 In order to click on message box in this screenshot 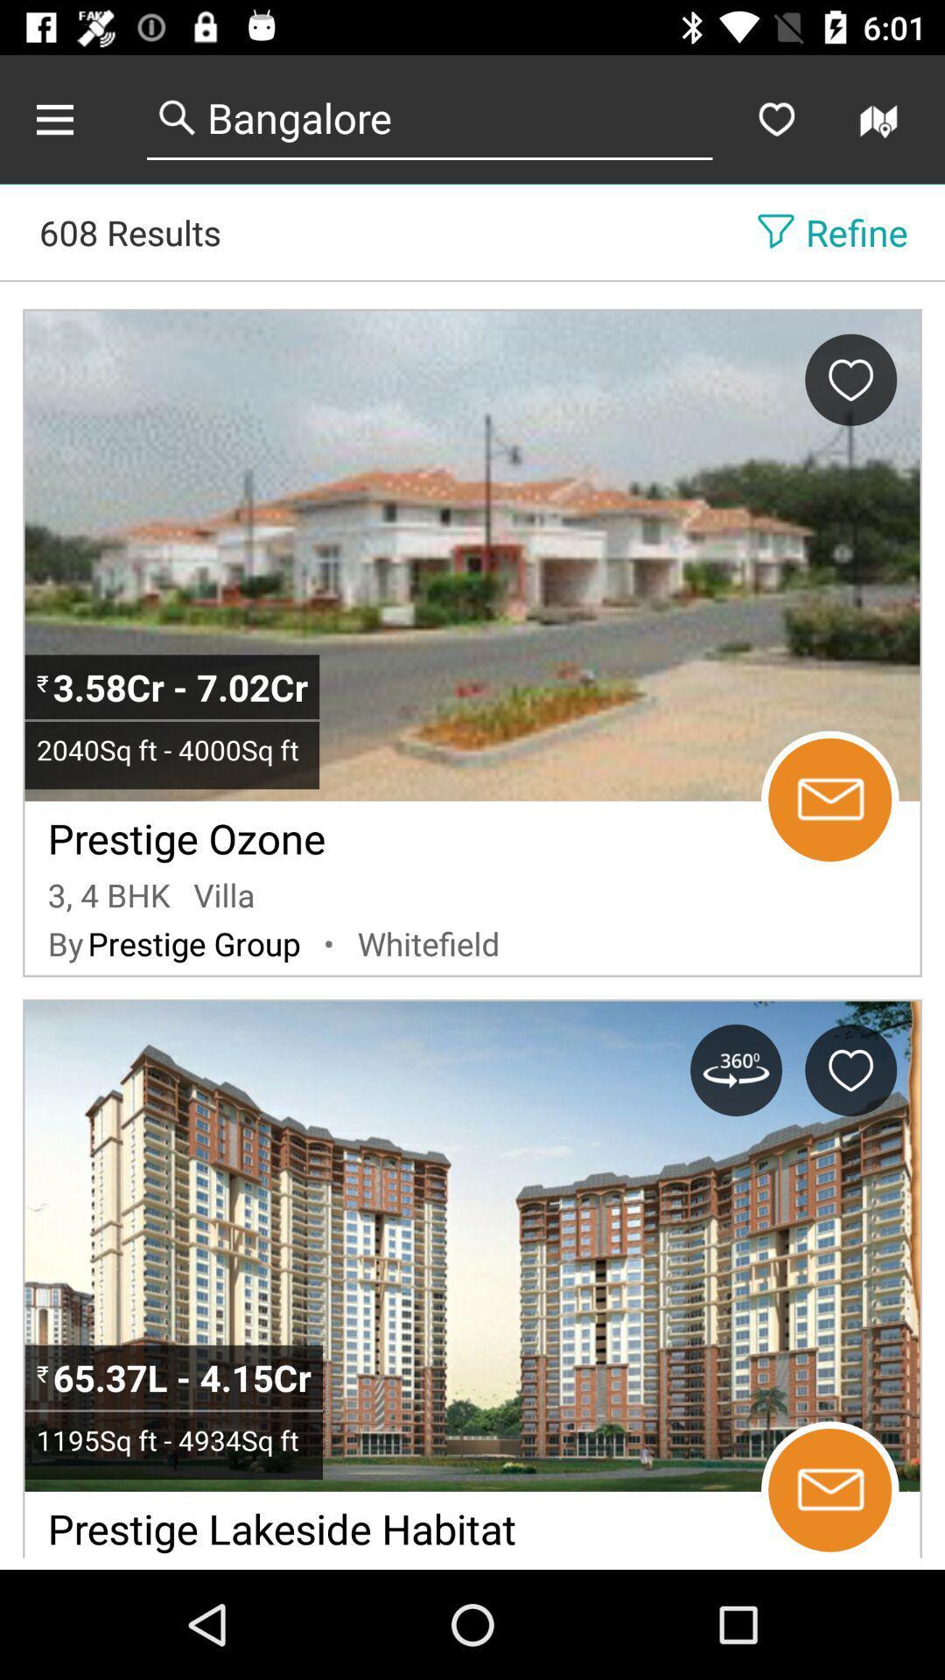, I will do `click(829, 799)`.